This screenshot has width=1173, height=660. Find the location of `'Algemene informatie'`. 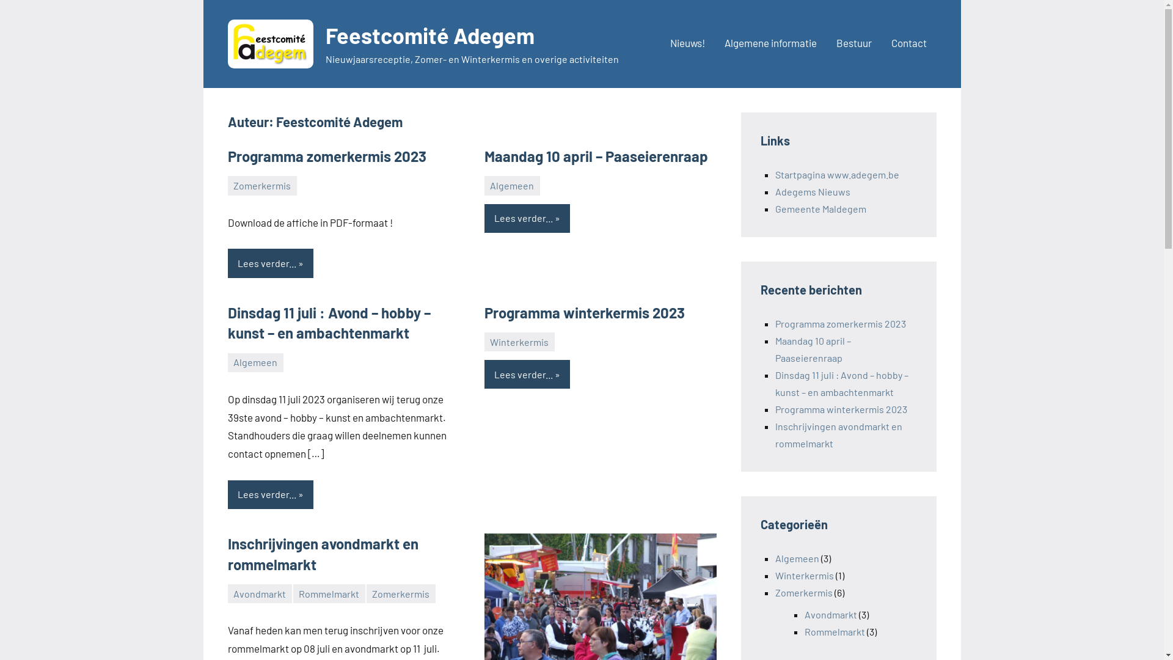

'Algemene informatie' is located at coordinates (770, 43).